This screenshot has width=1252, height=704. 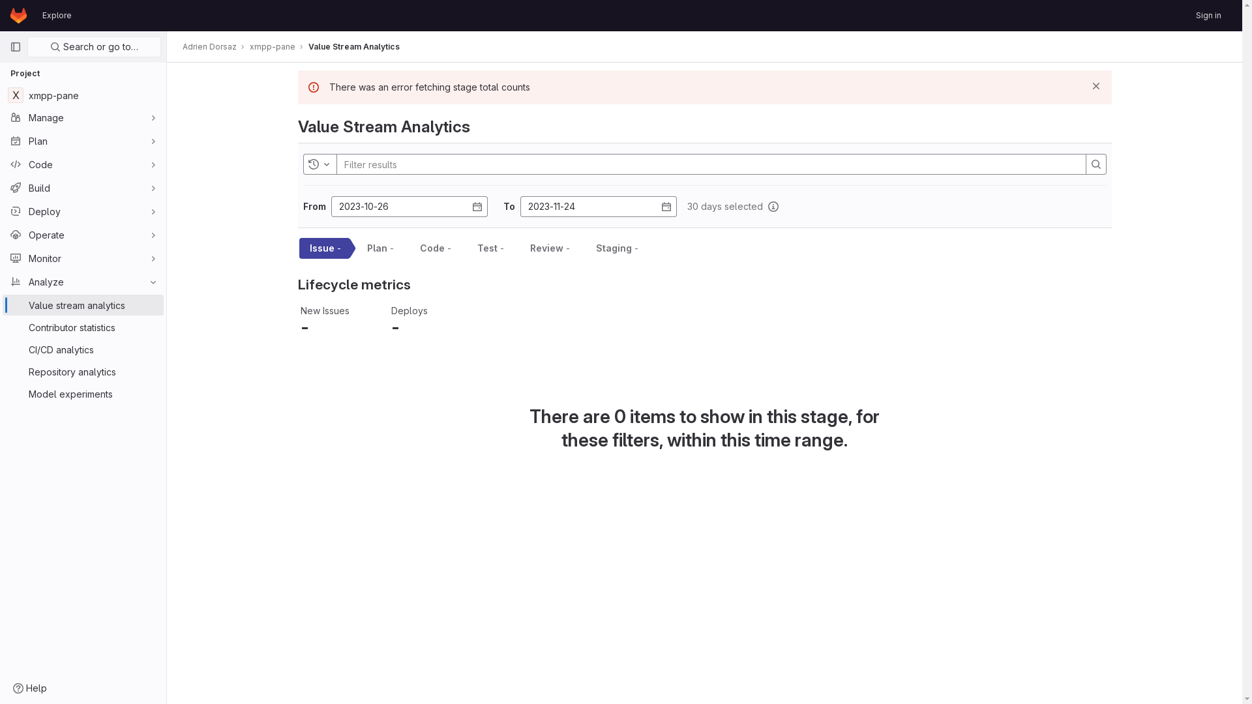 What do you see at coordinates (82, 326) in the screenshot?
I see `'Contributor statistics'` at bounding box center [82, 326].